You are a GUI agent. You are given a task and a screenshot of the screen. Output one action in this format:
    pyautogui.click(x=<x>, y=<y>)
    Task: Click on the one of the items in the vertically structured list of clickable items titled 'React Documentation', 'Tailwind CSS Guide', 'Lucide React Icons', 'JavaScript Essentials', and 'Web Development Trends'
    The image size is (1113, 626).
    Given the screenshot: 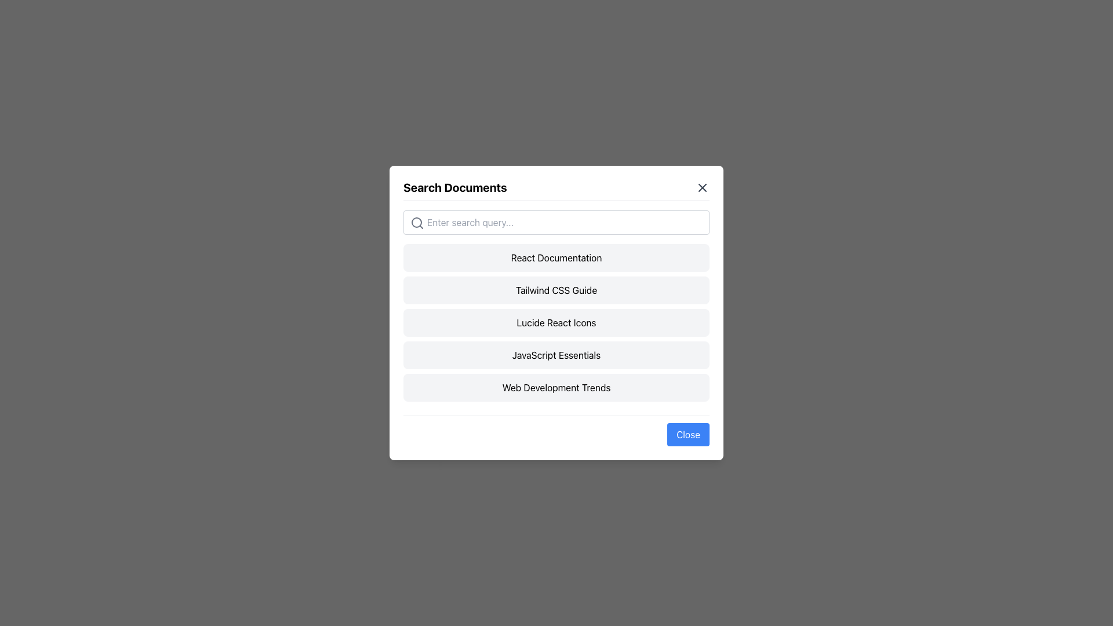 What is the action you would take?
    pyautogui.click(x=556, y=305)
    